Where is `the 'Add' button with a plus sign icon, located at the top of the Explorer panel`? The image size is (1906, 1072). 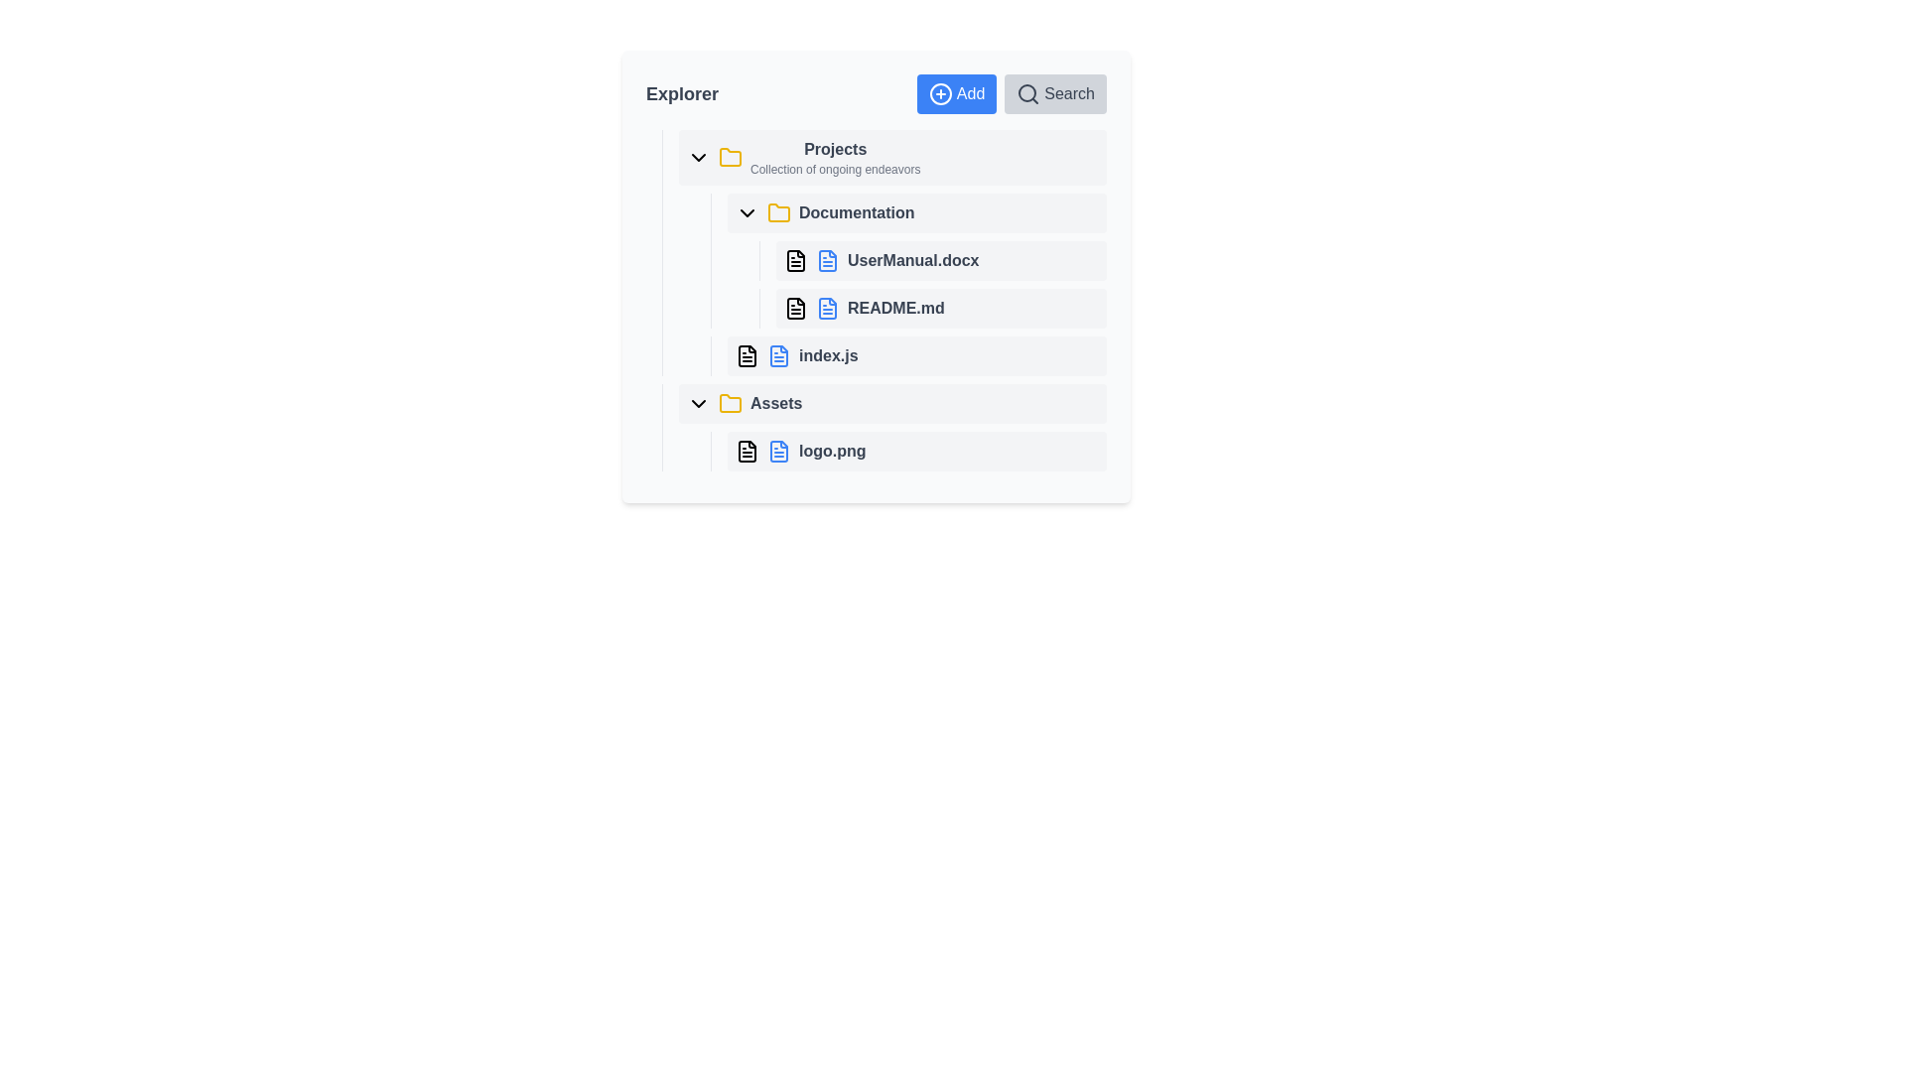 the 'Add' button with a plus sign icon, located at the top of the Explorer panel is located at coordinates (957, 94).